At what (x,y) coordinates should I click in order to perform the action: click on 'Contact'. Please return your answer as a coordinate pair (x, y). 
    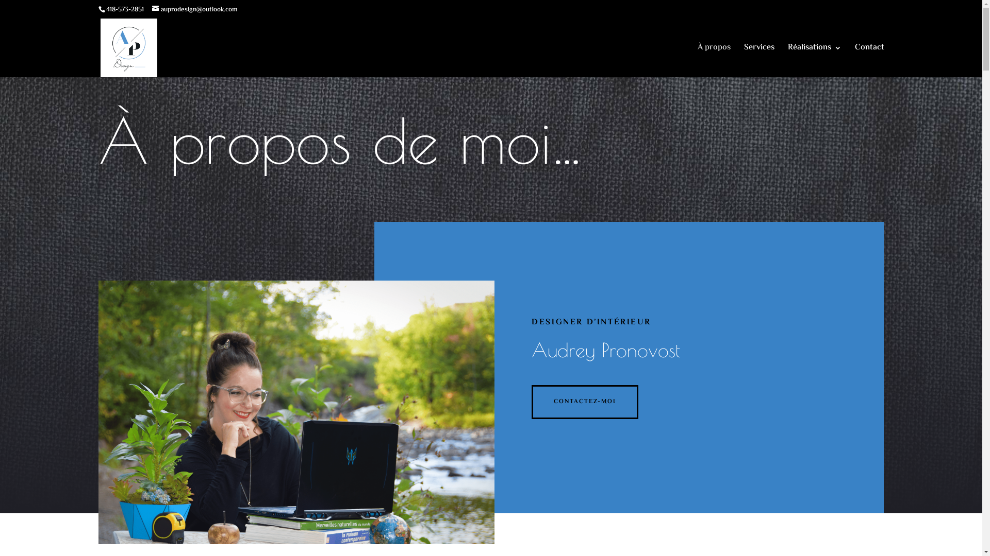
    Looking at the image, I should click on (854, 61).